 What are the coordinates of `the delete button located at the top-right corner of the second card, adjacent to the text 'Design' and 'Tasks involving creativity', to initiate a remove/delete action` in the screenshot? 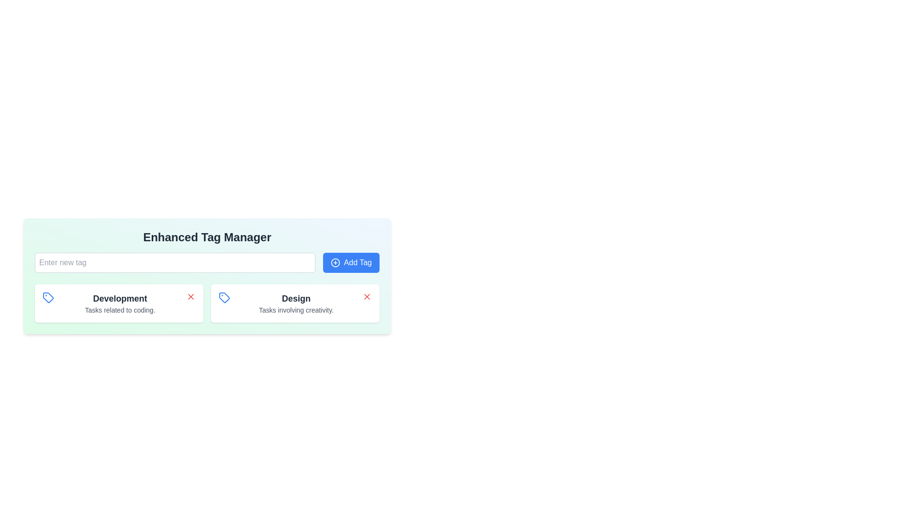 It's located at (367, 296).